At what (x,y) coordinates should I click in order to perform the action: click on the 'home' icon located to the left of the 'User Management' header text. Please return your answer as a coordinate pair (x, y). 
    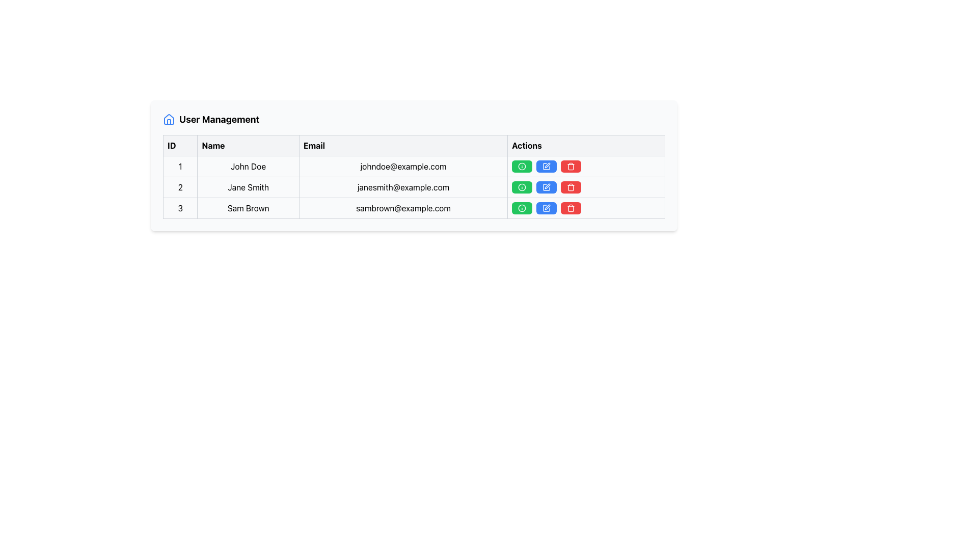
    Looking at the image, I should click on (169, 119).